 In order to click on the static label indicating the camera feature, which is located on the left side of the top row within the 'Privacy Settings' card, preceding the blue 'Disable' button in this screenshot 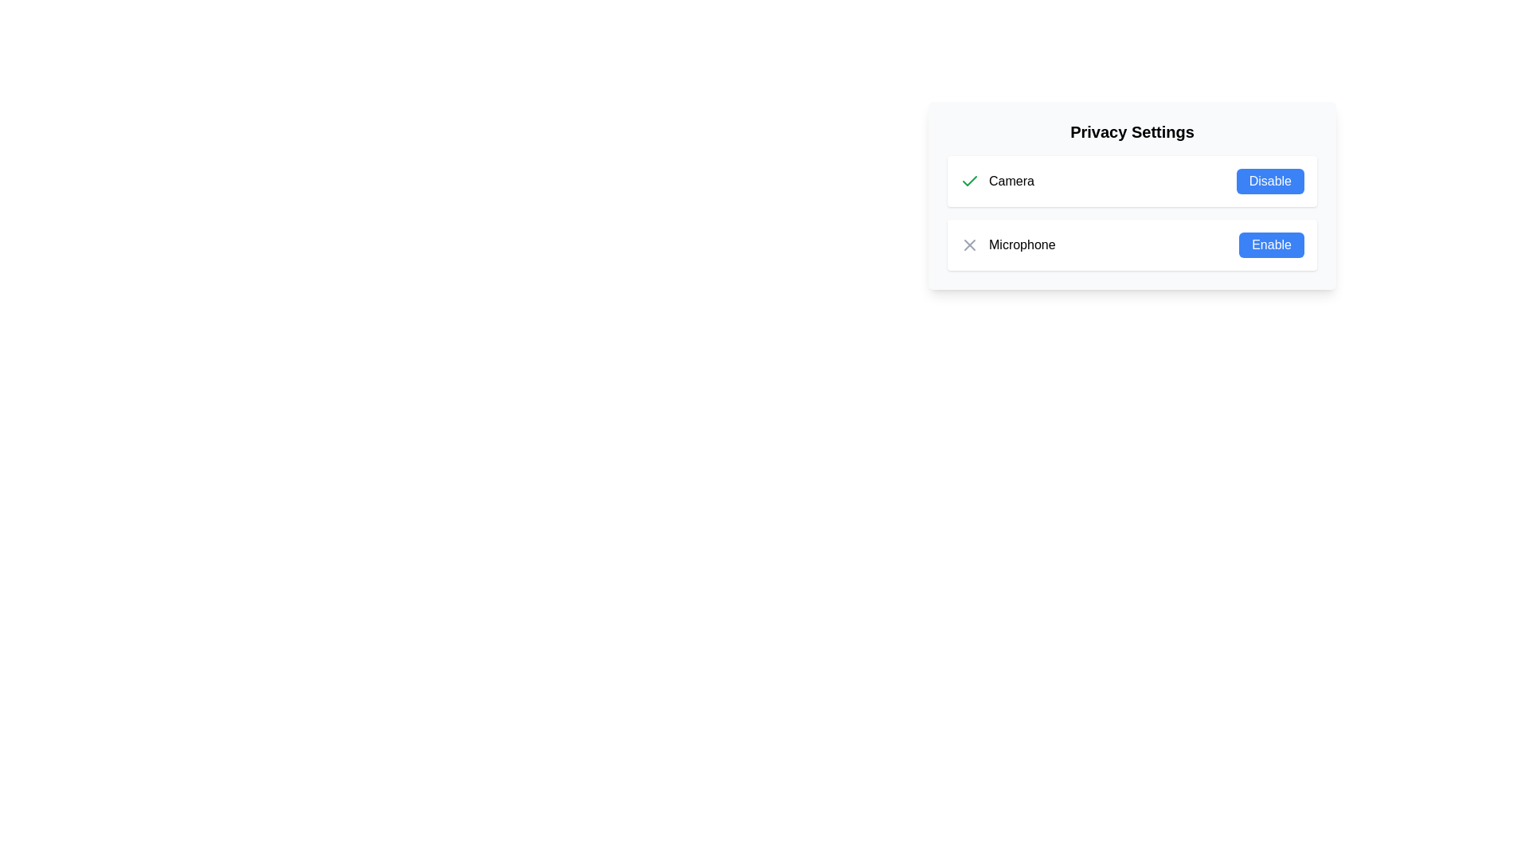, I will do `click(996, 180)`.